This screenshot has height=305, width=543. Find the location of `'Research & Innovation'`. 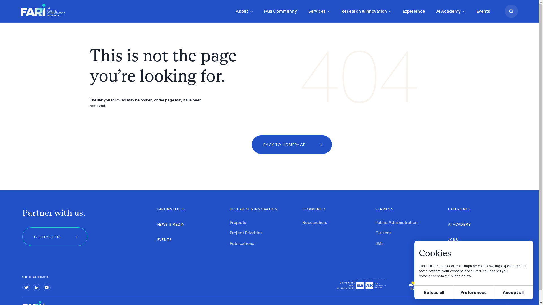

'Research & Innovation' is located at coordinates (367, 11).